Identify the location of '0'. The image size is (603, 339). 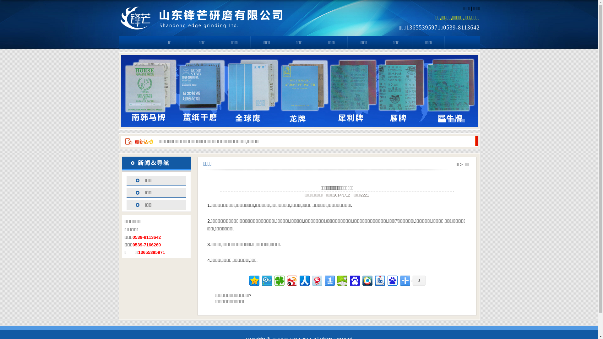
(418, 280).